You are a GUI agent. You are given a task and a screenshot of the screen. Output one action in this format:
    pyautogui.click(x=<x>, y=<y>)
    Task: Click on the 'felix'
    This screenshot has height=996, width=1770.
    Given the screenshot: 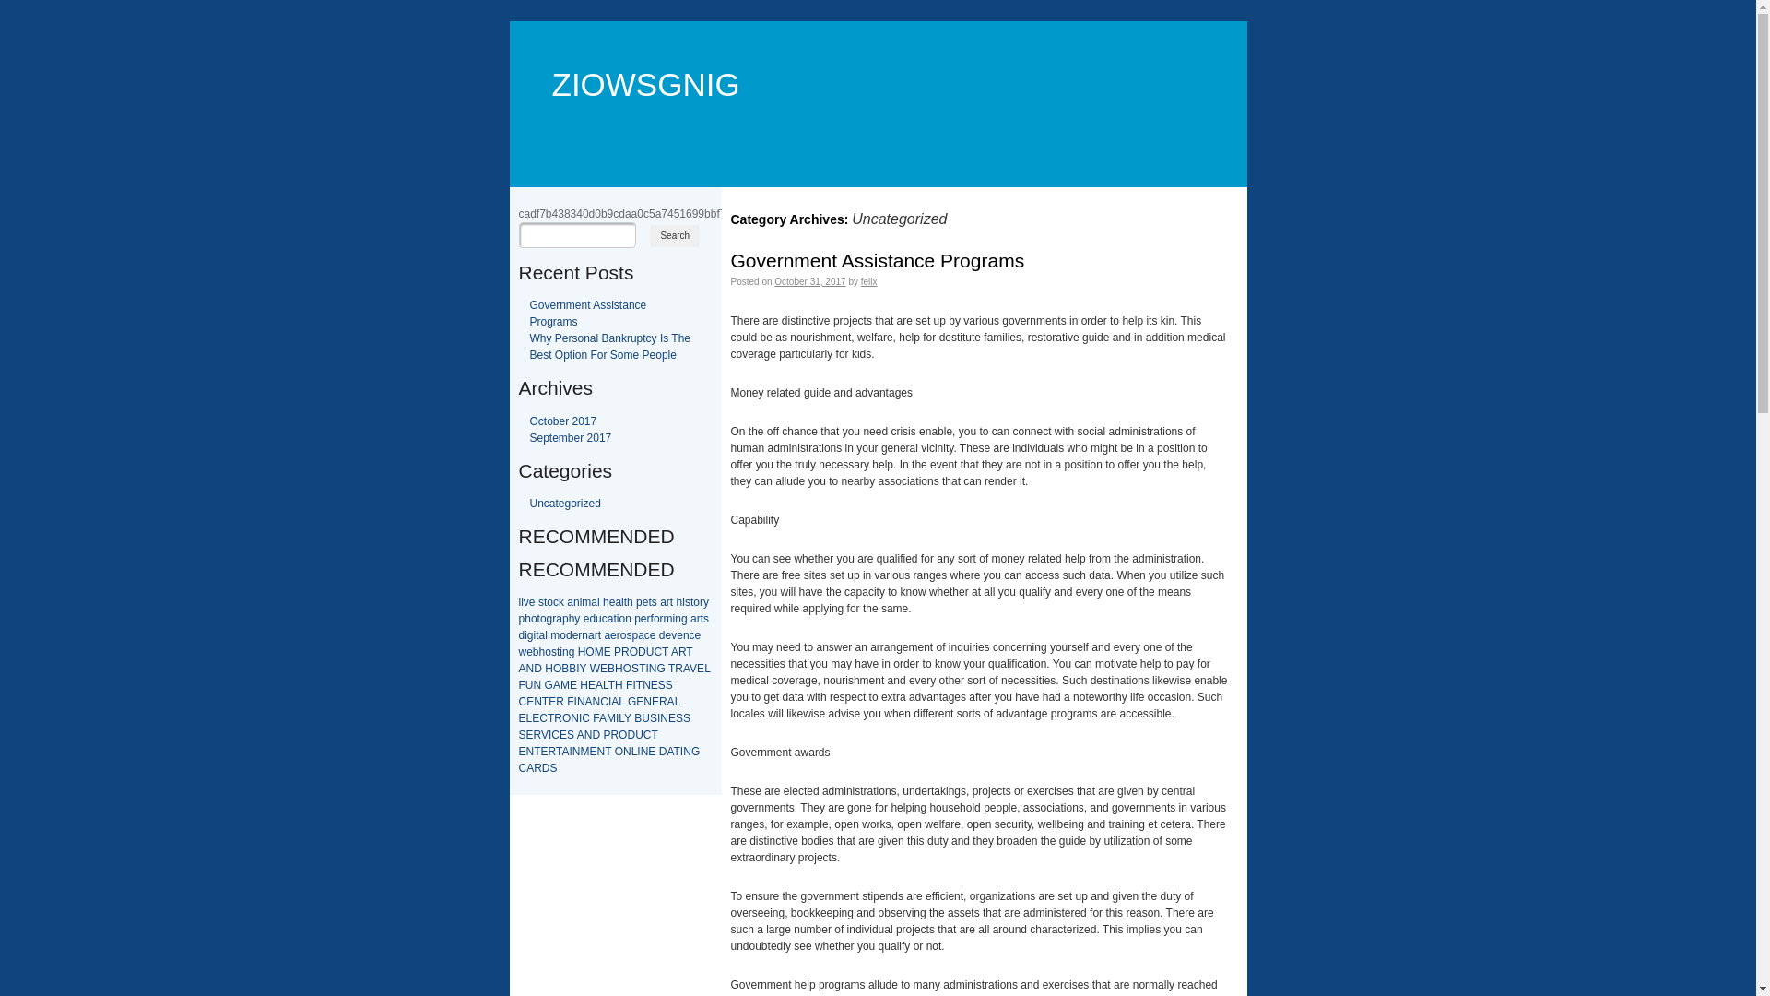 What is the action you would take?
    pyautogui.click(x=867, y=281)
    